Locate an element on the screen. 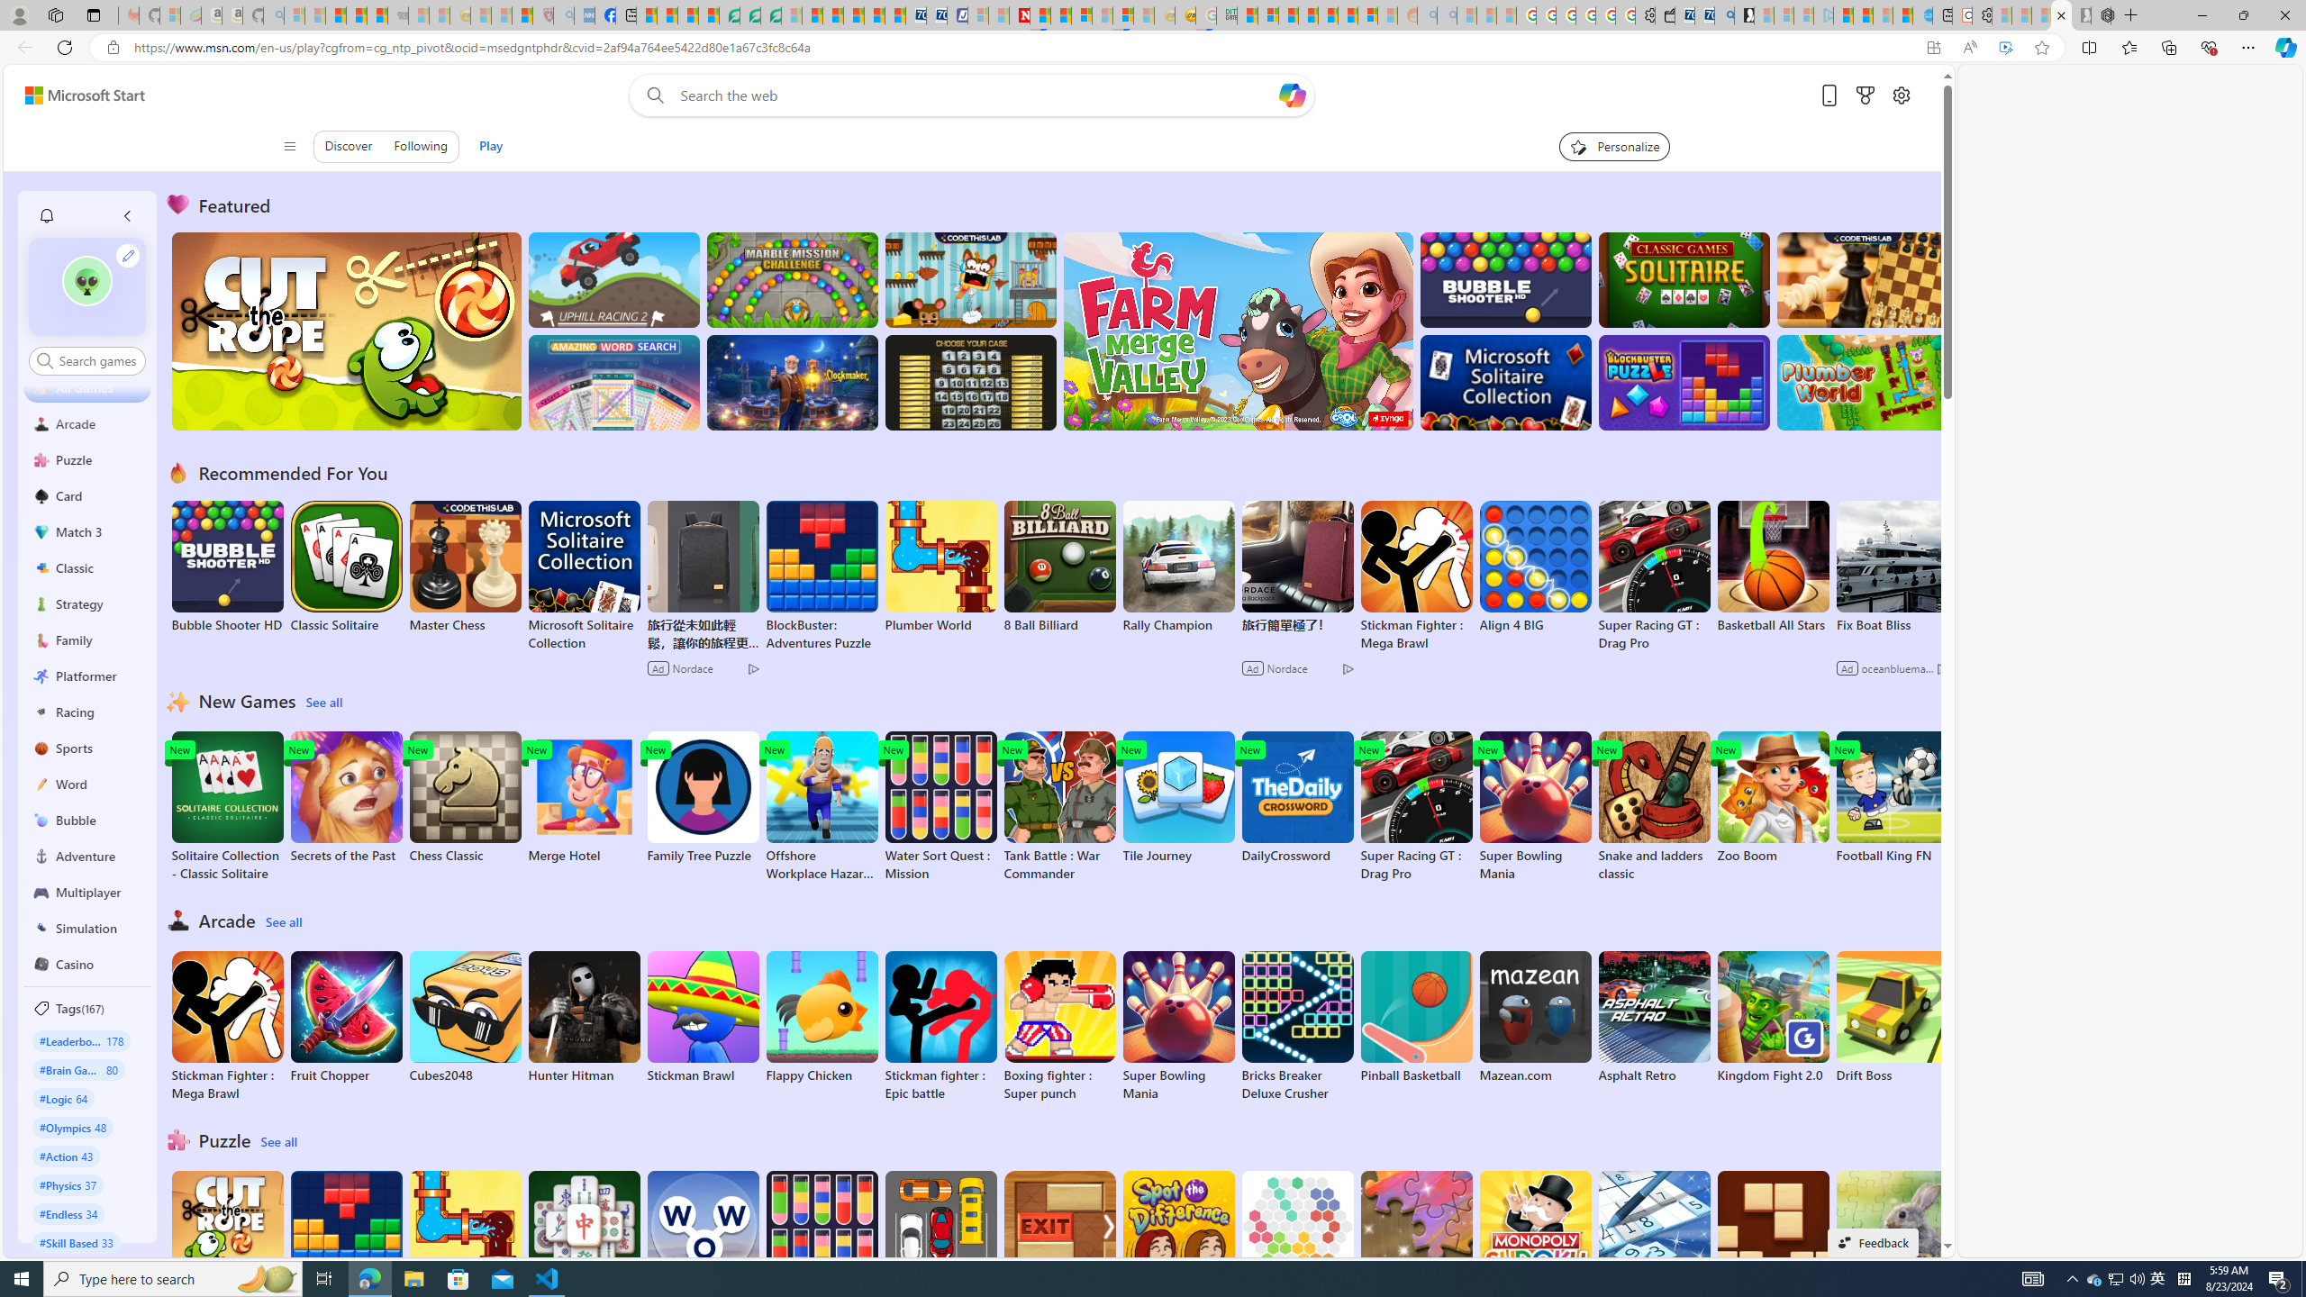 The image size is (2306, 1297). 'Offshore Workplace Hazard Game' is located at coordinates (822, 807).